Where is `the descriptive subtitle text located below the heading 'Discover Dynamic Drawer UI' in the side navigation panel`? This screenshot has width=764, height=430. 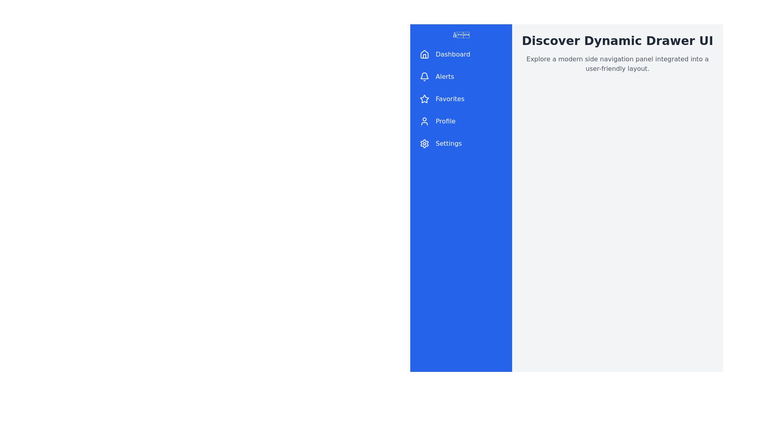
the descriptive subtitle text located below the heading 'Discover Dynamic Drawer UI' in the side navigation panel is located at coordinates (617, 64).